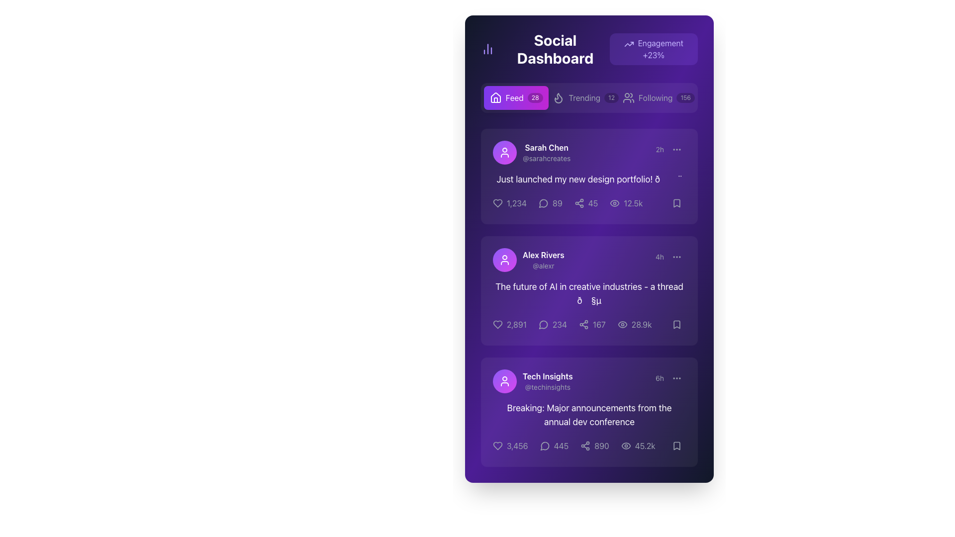 The height and width of the screenshot is (537, 955). I want to click on text displayed in the Text Label that shows the full name of the user associated with the second post card, located above the username '@alexr', so click(543, 255).